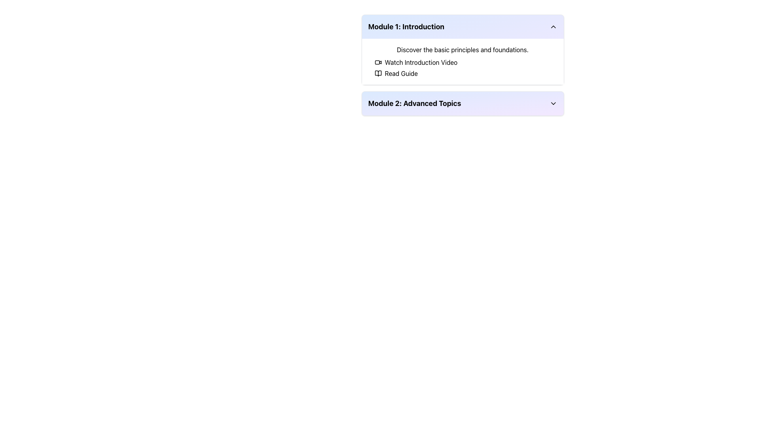 Image resolution: width=759 pixels, height=427 pixels. Describe the element at coordinates (553, 26) in the screenshot. I see `the chevron icon at the far right side of the header section of the 'Module 1: Introduction'` at that location.